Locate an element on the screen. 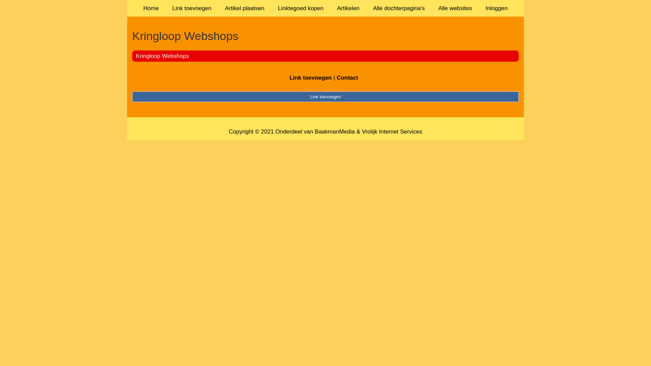 Image resolution: width=651 pixels, height=366 pixels. 'Artikel plaatsen' is located at coordinates (218, 8).